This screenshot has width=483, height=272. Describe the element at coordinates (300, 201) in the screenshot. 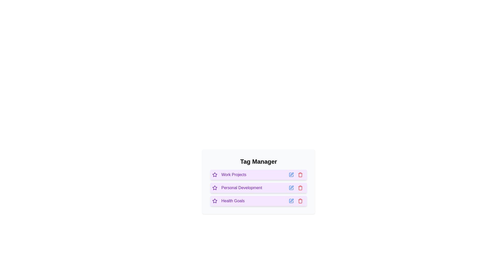

I see `the delete button for the tag Health Goals` at that location.